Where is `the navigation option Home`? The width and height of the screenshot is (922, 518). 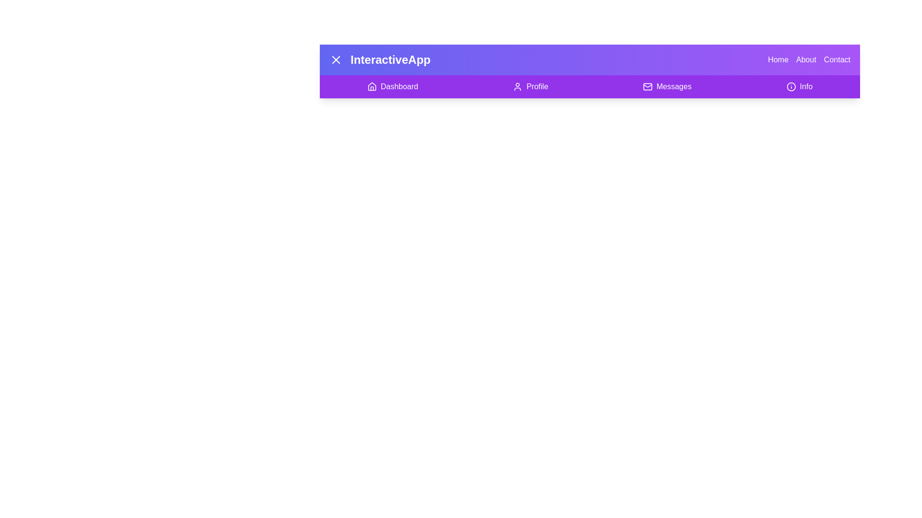 the navigation option Home is located at coordinates (778, 59).